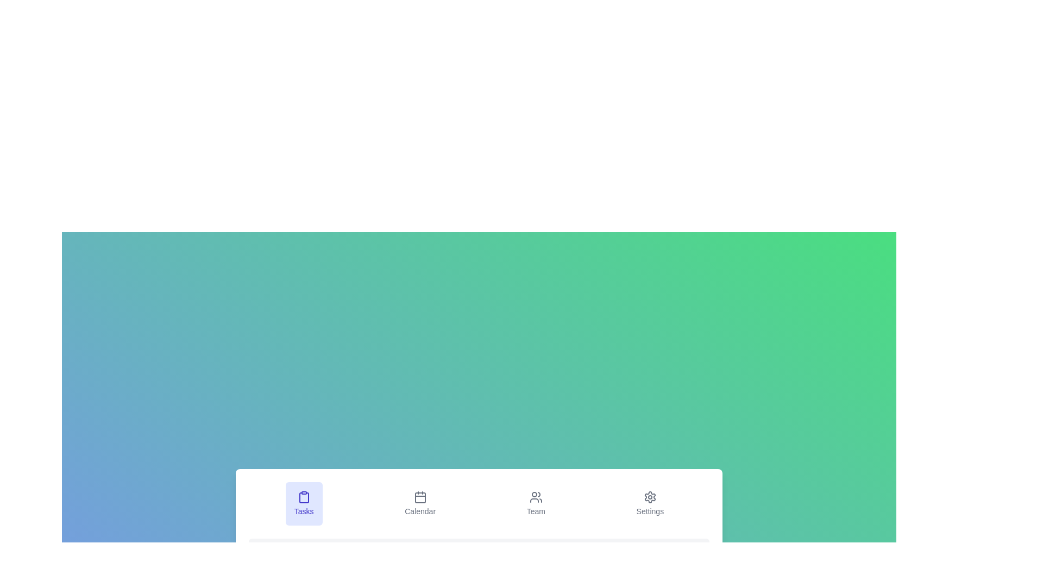 This screenshot has width=1043, height=587. I want to click on the rectangular shape with slightly rounded corners that is part of the red 'Calendar' icon, located between the 'Tasks' and 'Team' icons at the bottom of the interface, so click(419, 497).